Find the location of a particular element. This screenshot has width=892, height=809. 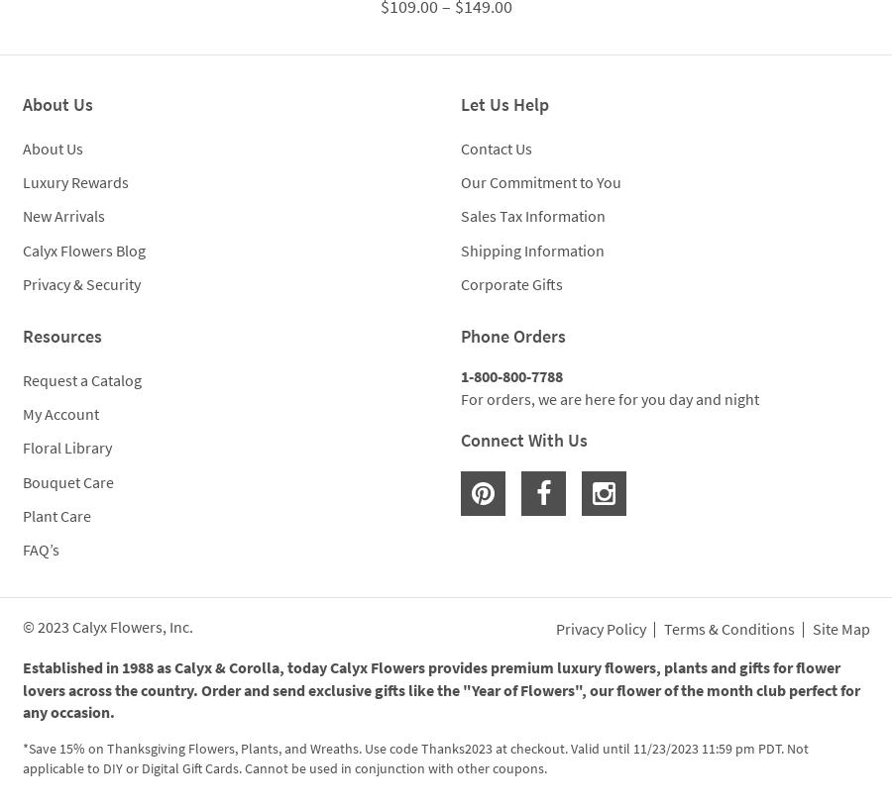

'Our Commitment to You' is located at coordinates (540, 180).